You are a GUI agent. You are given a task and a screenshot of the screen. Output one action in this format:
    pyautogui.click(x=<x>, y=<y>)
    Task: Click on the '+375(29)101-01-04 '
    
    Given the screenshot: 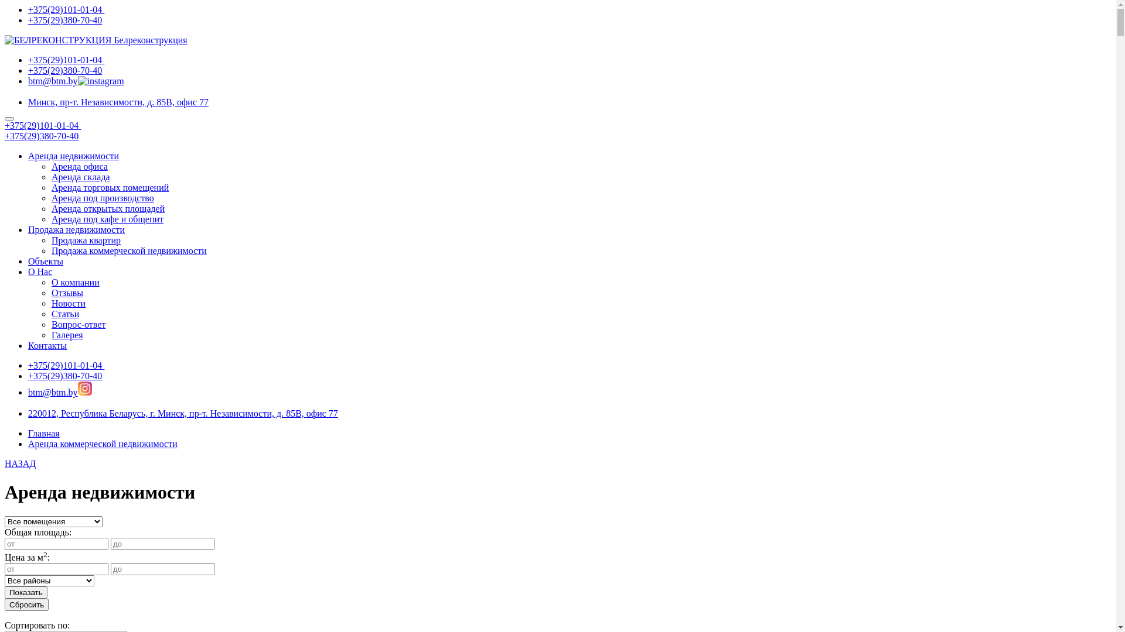 What is the action you would take?
    pyautogui.click(x=28, y=9)
    